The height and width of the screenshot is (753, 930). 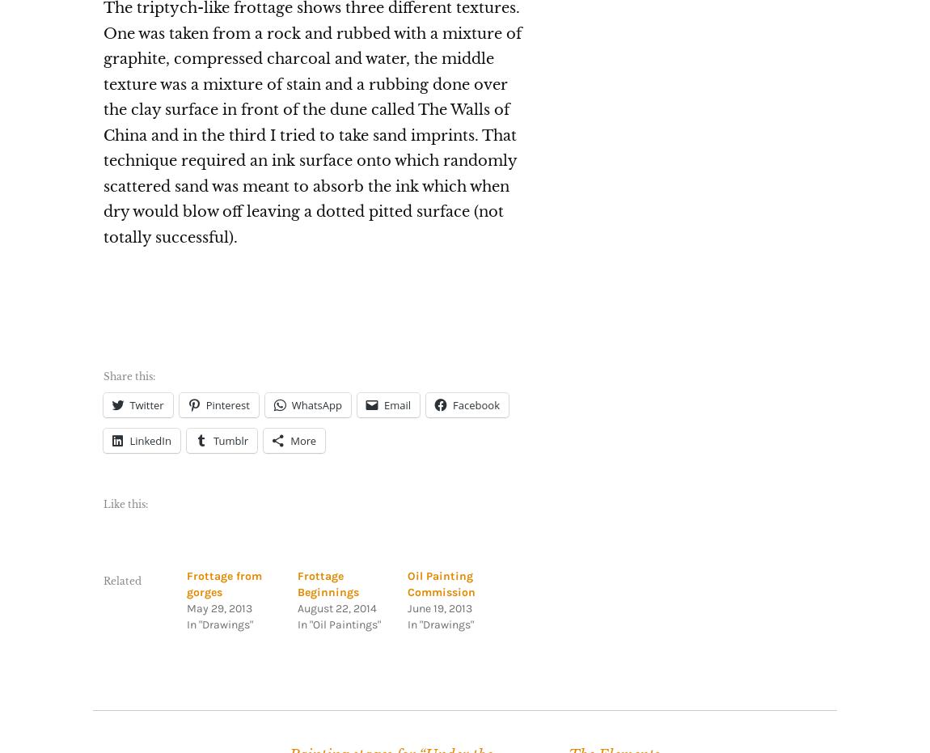 I want to click on 'LinkedIn', so click(x=128, y=438).